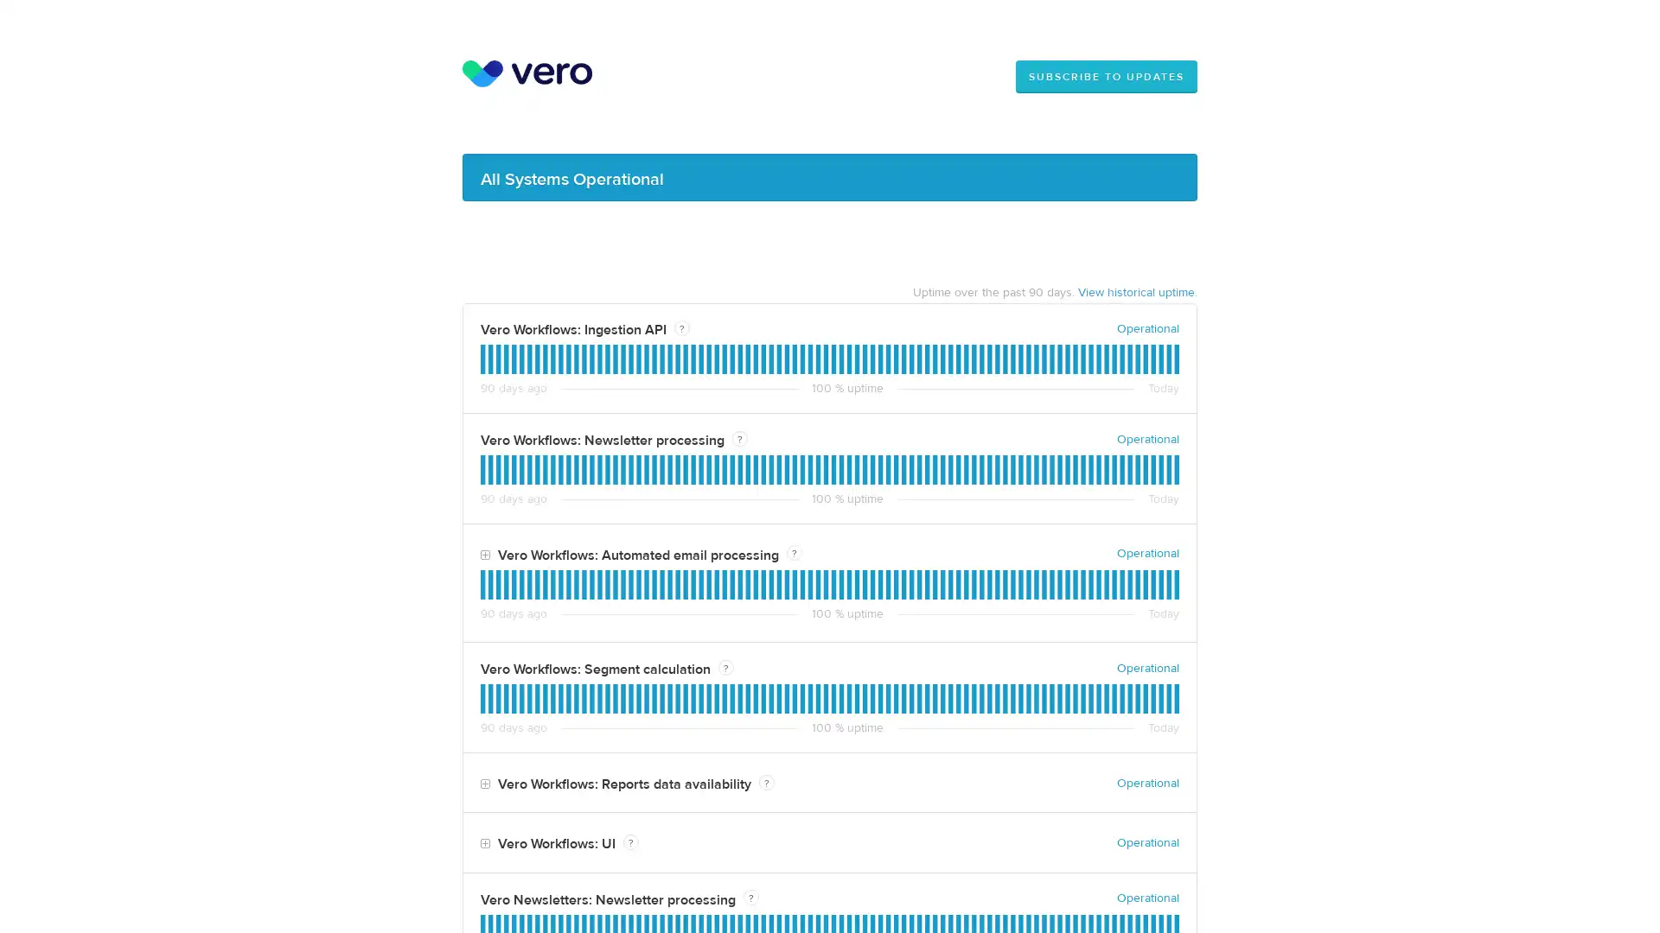 The image size is (1660, 933). Describe the element at coordinates (484, 842) in the screenshot. I see `Toggle Vero Workflows: UI` at that location.